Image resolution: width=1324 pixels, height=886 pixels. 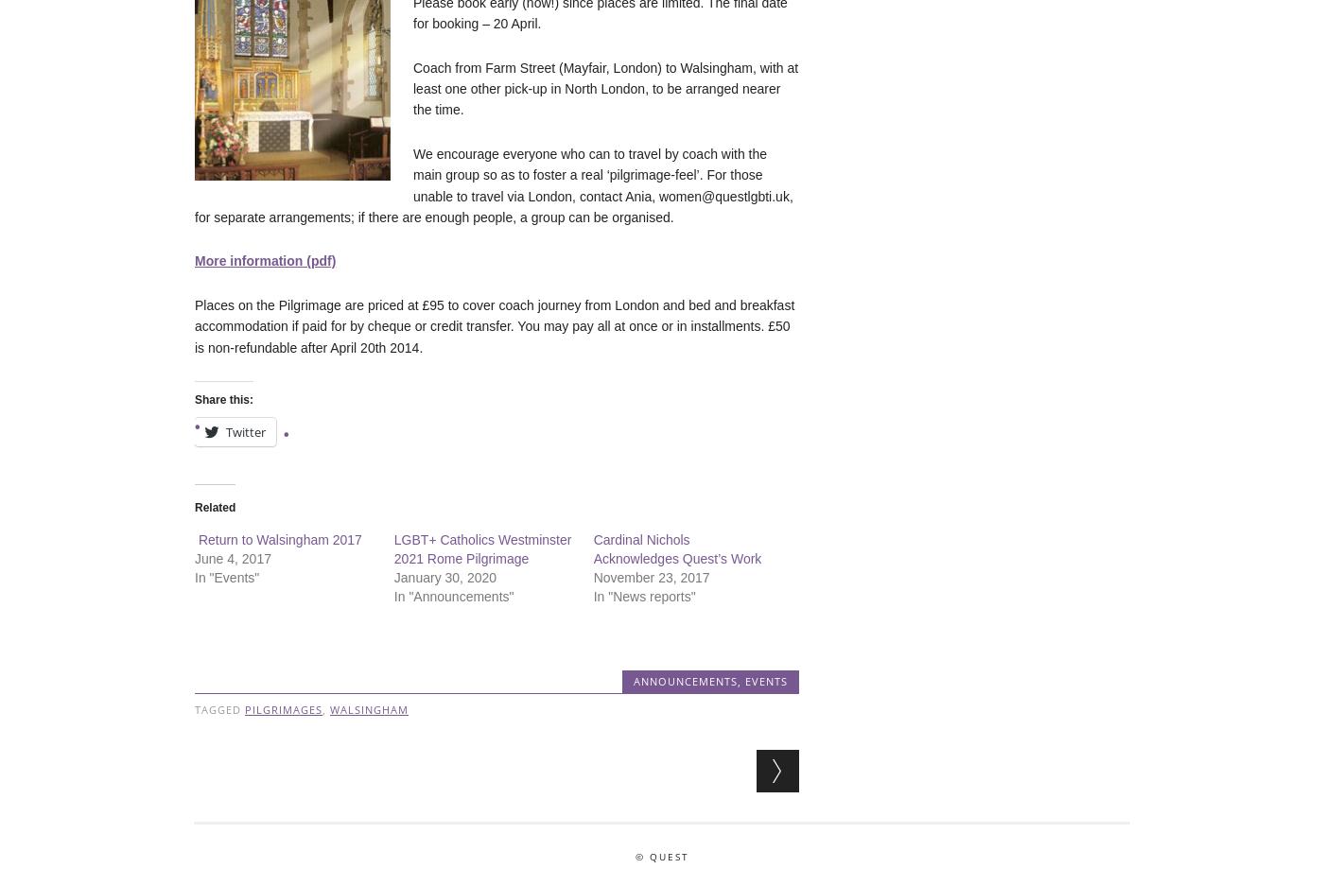 I want to click on 'Events', so click(x=743, y=681).